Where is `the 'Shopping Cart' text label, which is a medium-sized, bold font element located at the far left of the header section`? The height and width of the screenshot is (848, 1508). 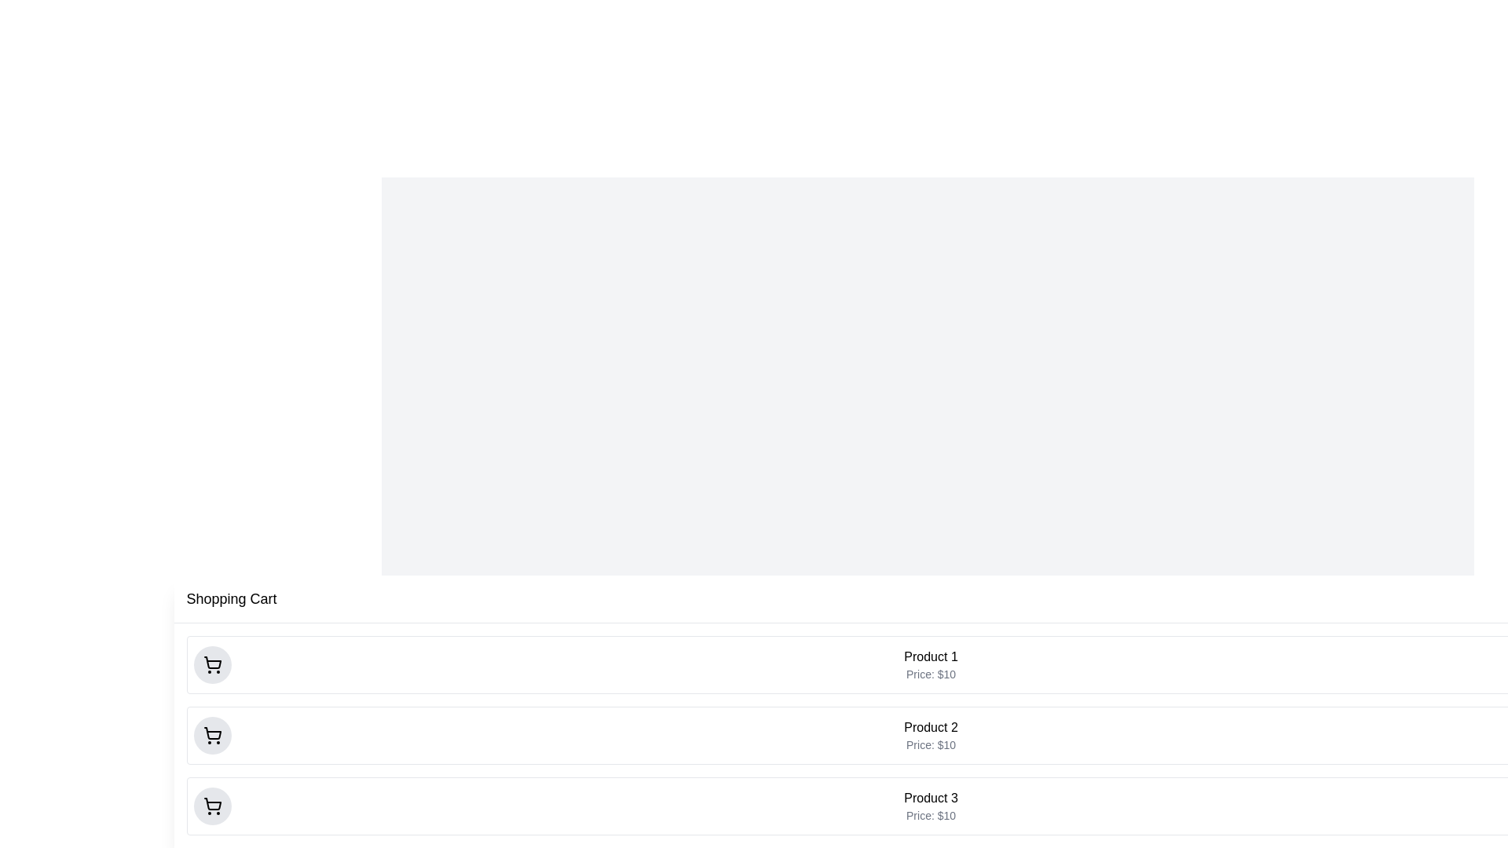 the 'Shopping Cart' text label, which is a medium-sized, bold font element located at the far left of the header section is located at coordinates (231, 599).